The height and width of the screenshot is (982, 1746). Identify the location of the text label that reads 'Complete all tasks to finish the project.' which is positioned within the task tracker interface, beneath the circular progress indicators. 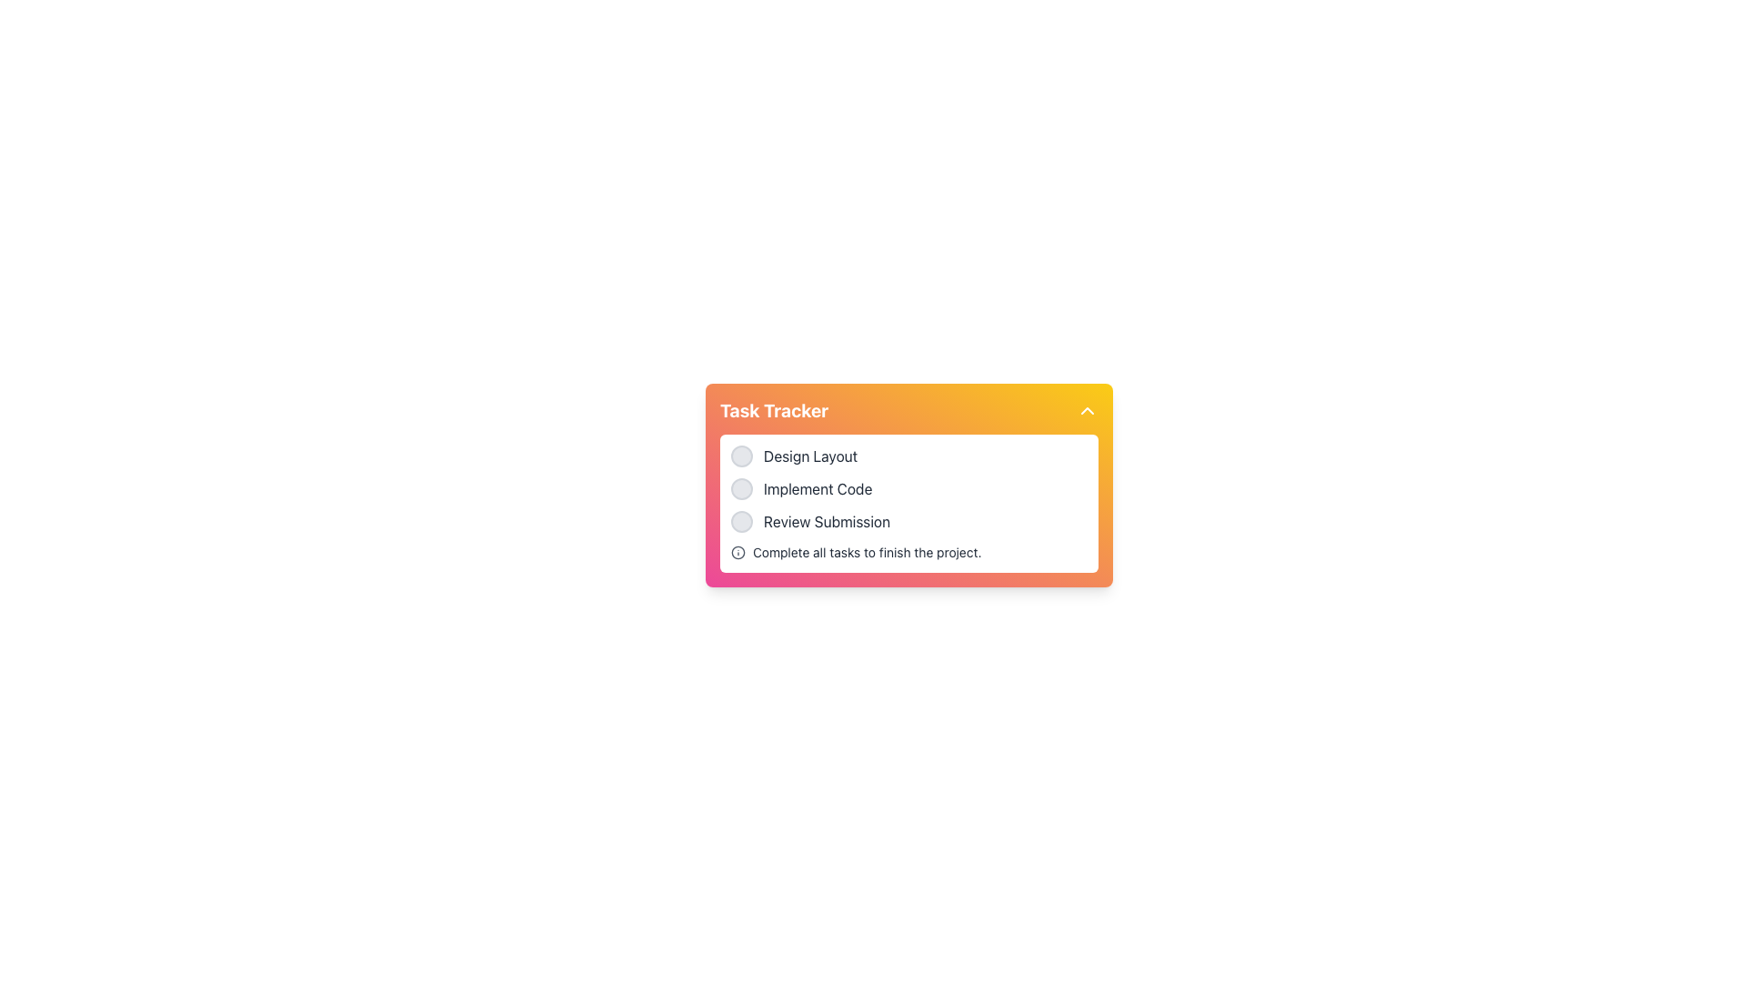
(866, 552).